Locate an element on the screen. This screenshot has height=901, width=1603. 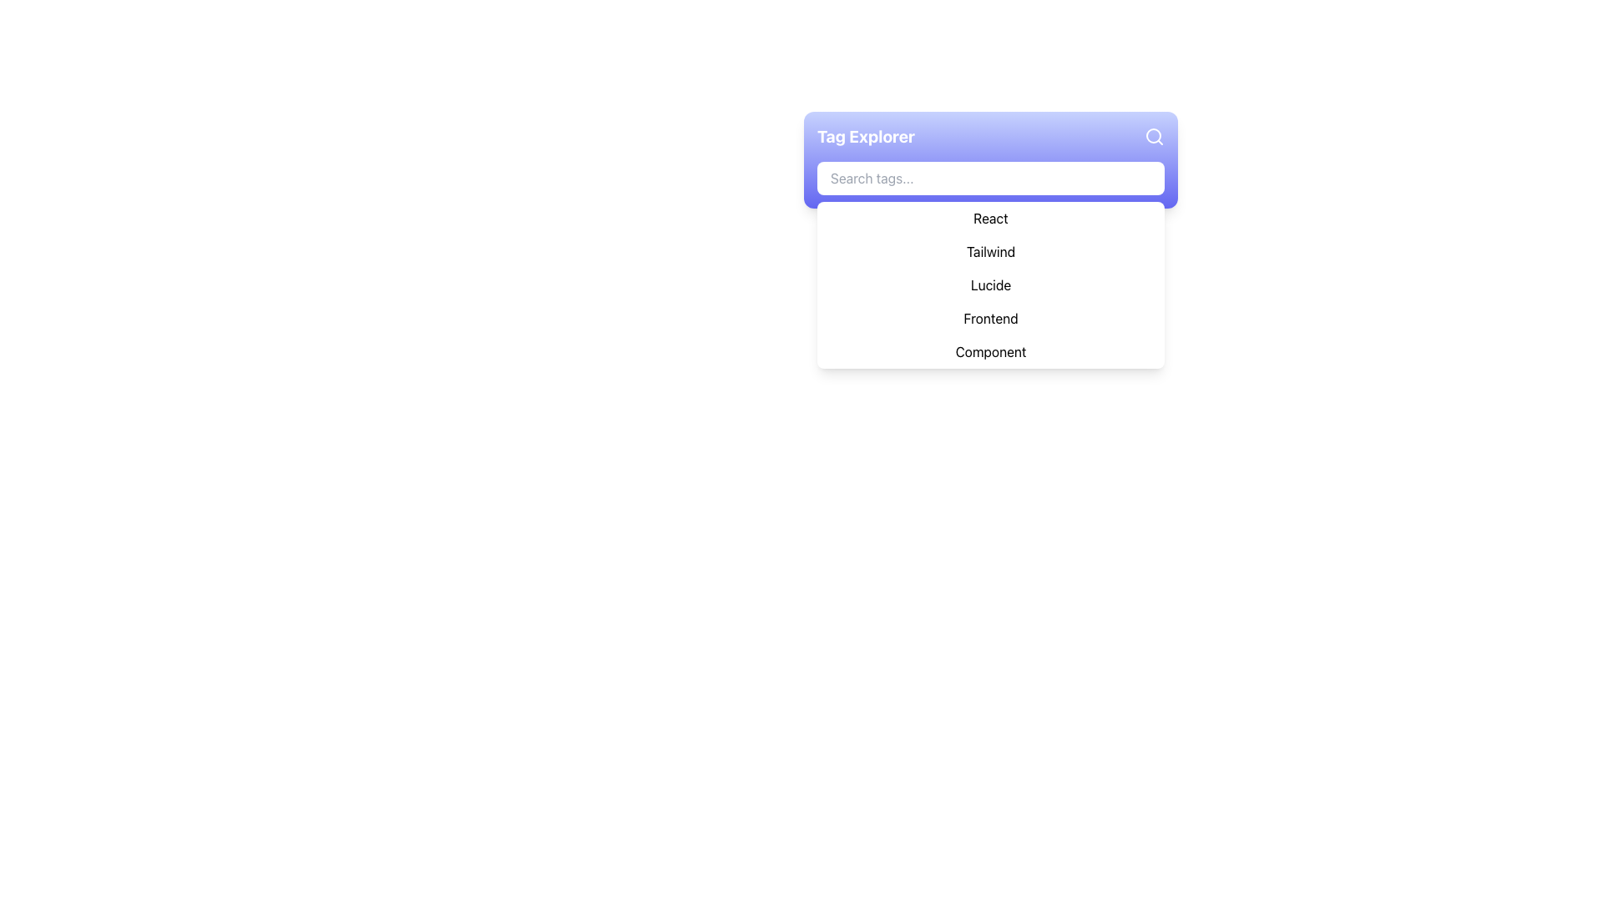
the list item displaying 'Component' in bold black text, which is the last item in the dropdown menu is located at coordinates (990, 350).